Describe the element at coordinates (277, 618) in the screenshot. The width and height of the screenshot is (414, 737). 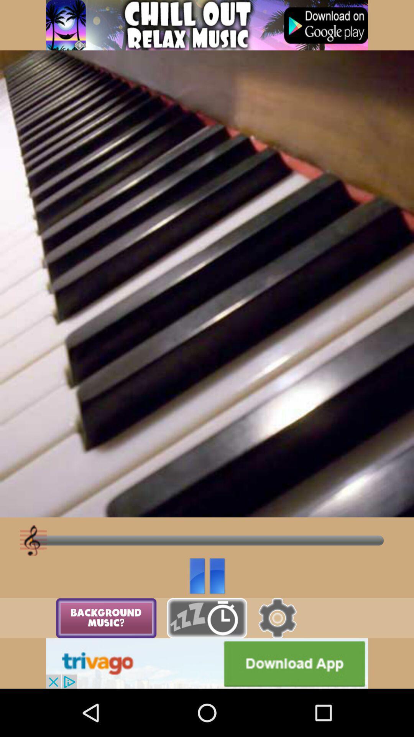
I see `setting` at that location.